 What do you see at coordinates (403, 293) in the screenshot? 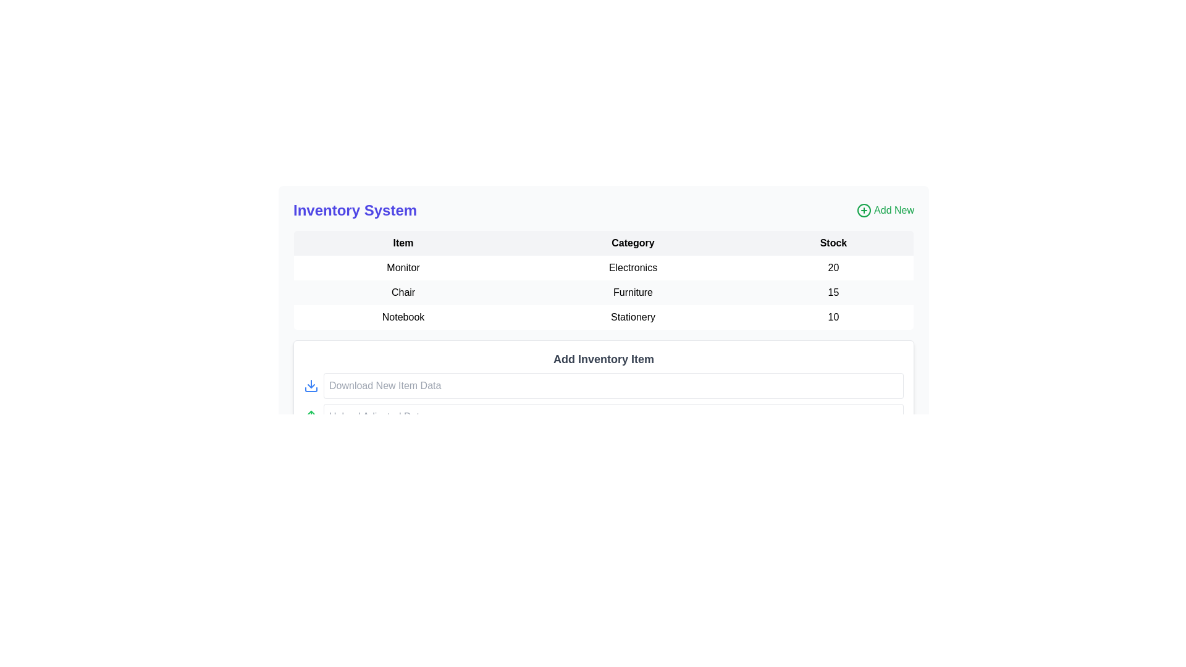
I see `the text label displaying 'Chair' in bold, black text, located in the second row of the 'Item' column of the table` at bounding box center [403, 293].